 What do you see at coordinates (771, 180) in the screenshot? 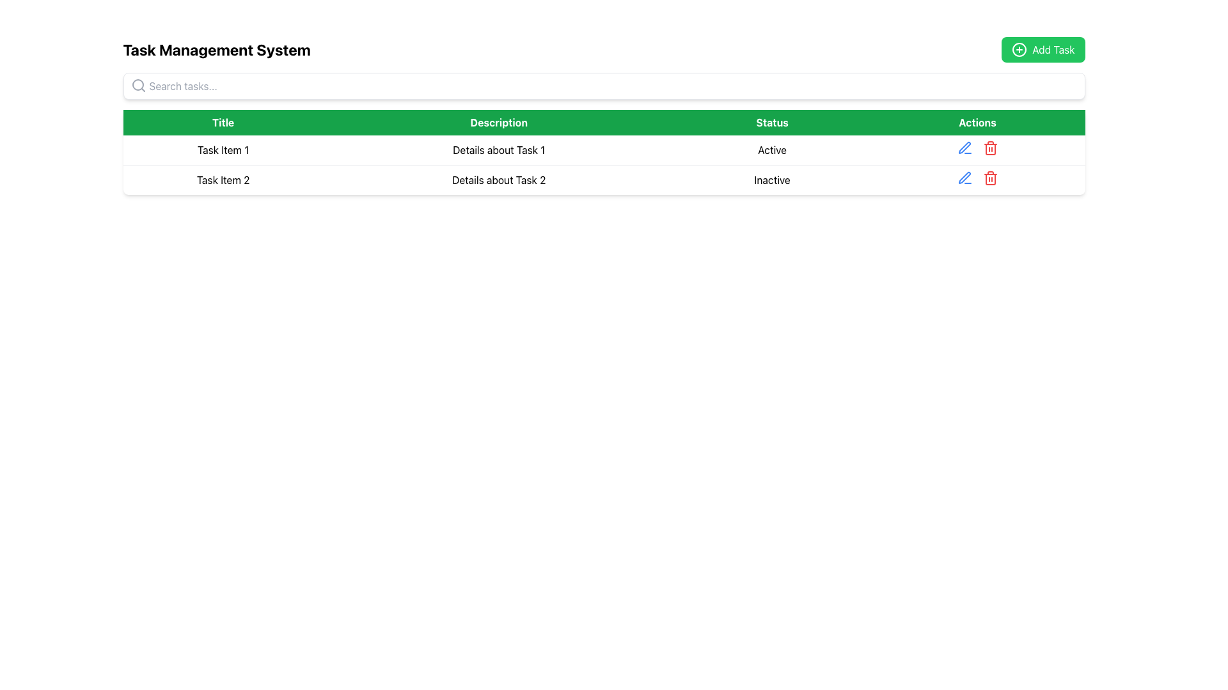
I see `the static text element displaying 'Inactive' in the third column of the second row, which is part of 'Task Item 2'` at bounding box center [771, 180].